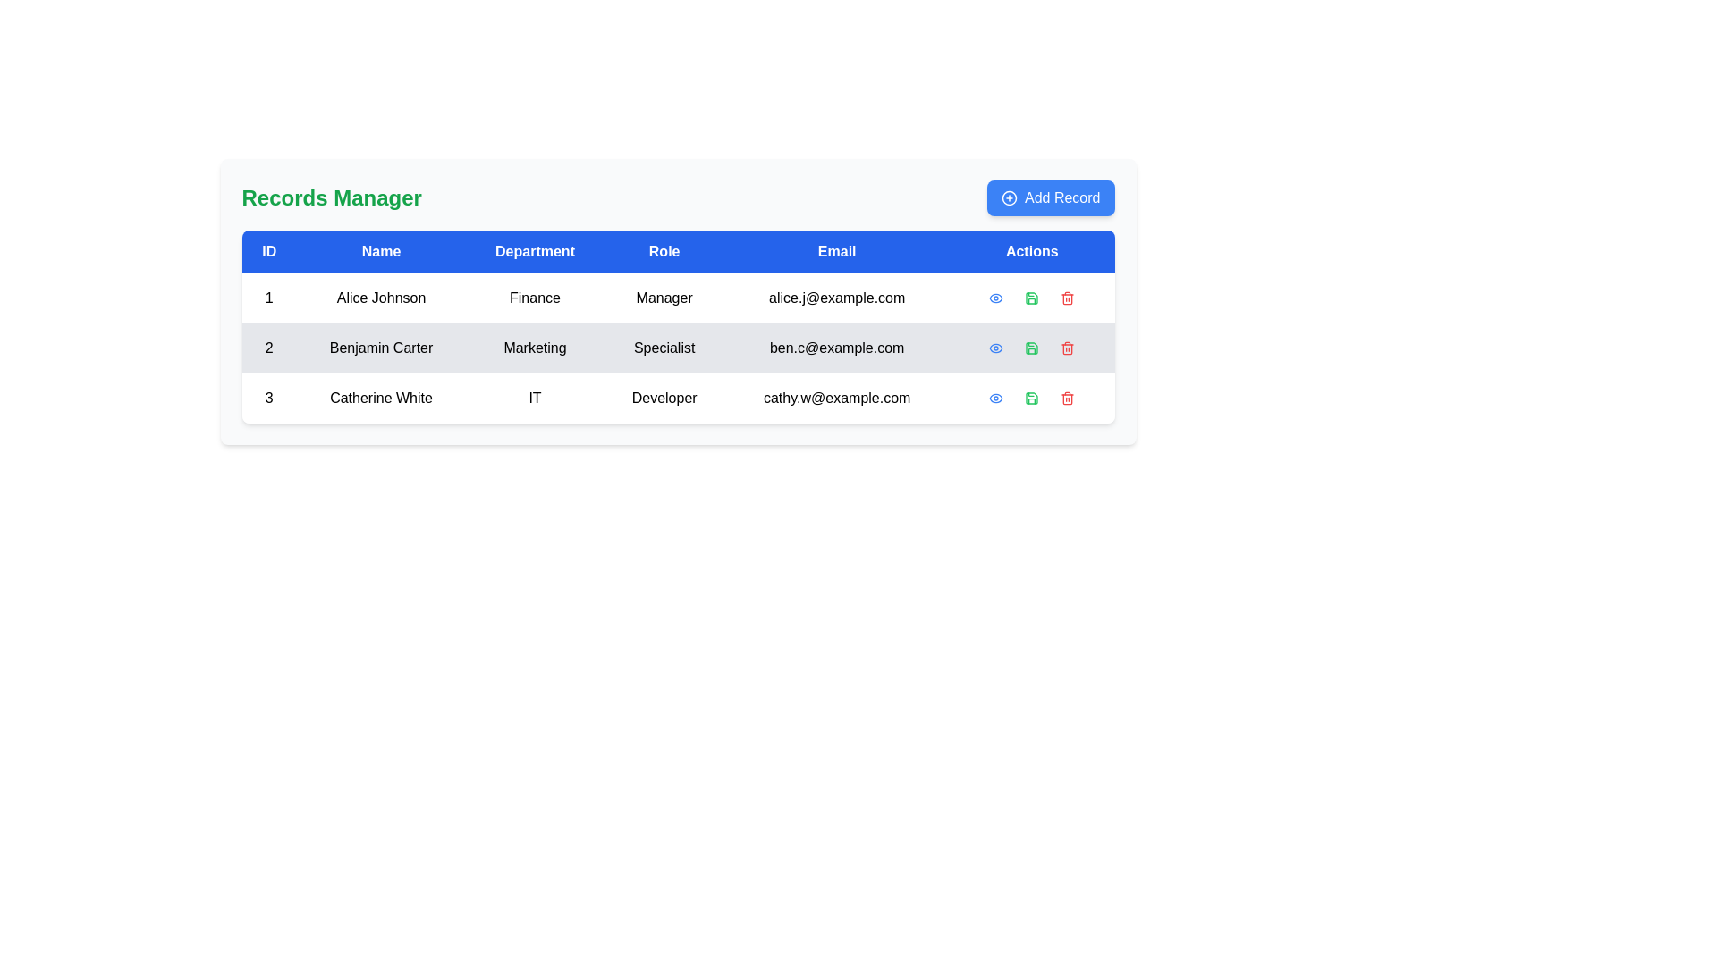 Image resolution: width=1717 pixels, height=965 pixels. What do you see at coordinates (1032, 251) in the screenshot?
I see `text from the sixth column header in the table, which is located to the far right and labeled for actions associated with the rows beneath it` at bounding box center [1032, 251].